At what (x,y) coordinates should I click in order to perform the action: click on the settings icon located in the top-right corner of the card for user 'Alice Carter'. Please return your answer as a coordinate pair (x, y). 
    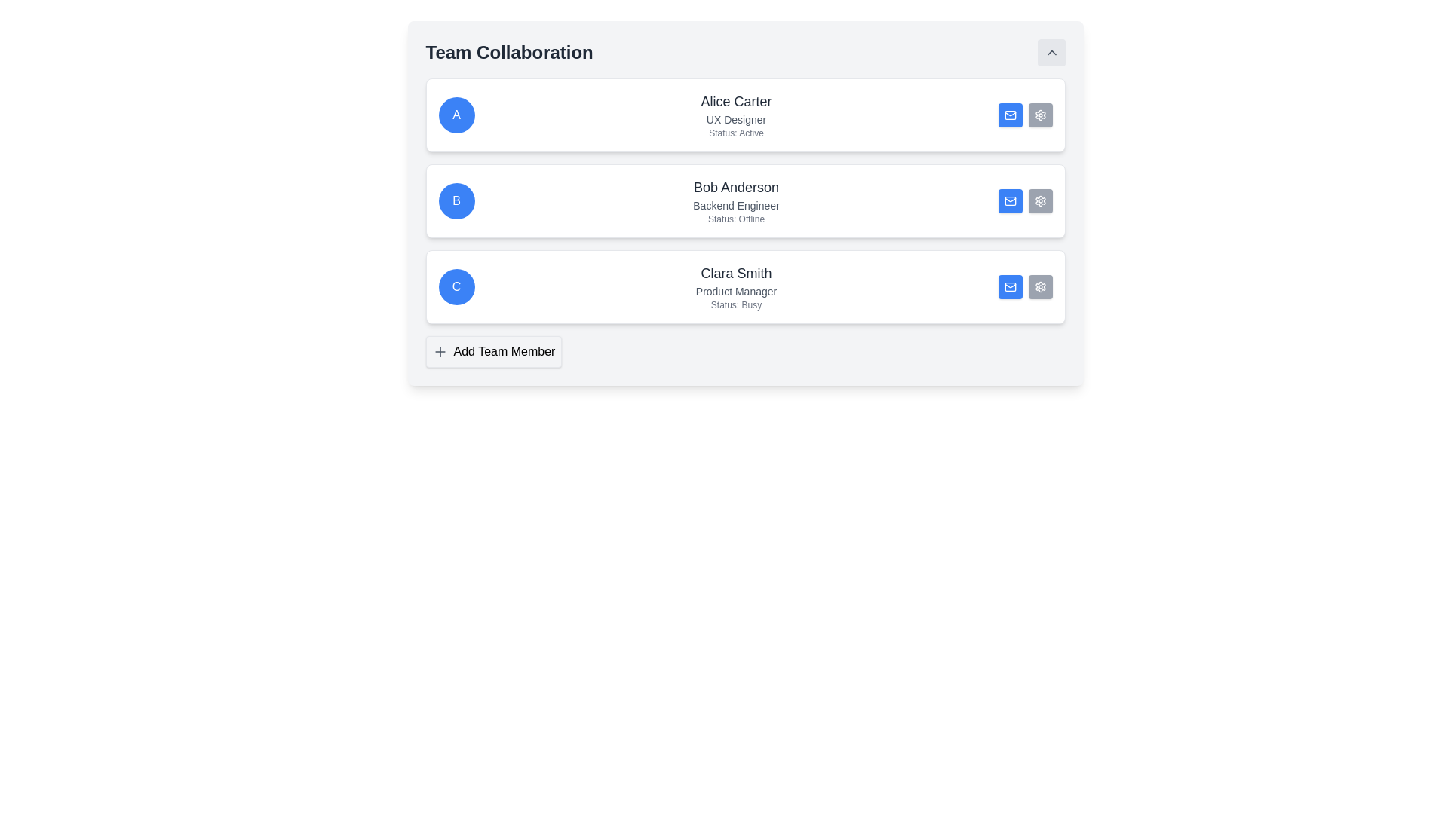
    Looking at the image, I should click on (1039, 115).